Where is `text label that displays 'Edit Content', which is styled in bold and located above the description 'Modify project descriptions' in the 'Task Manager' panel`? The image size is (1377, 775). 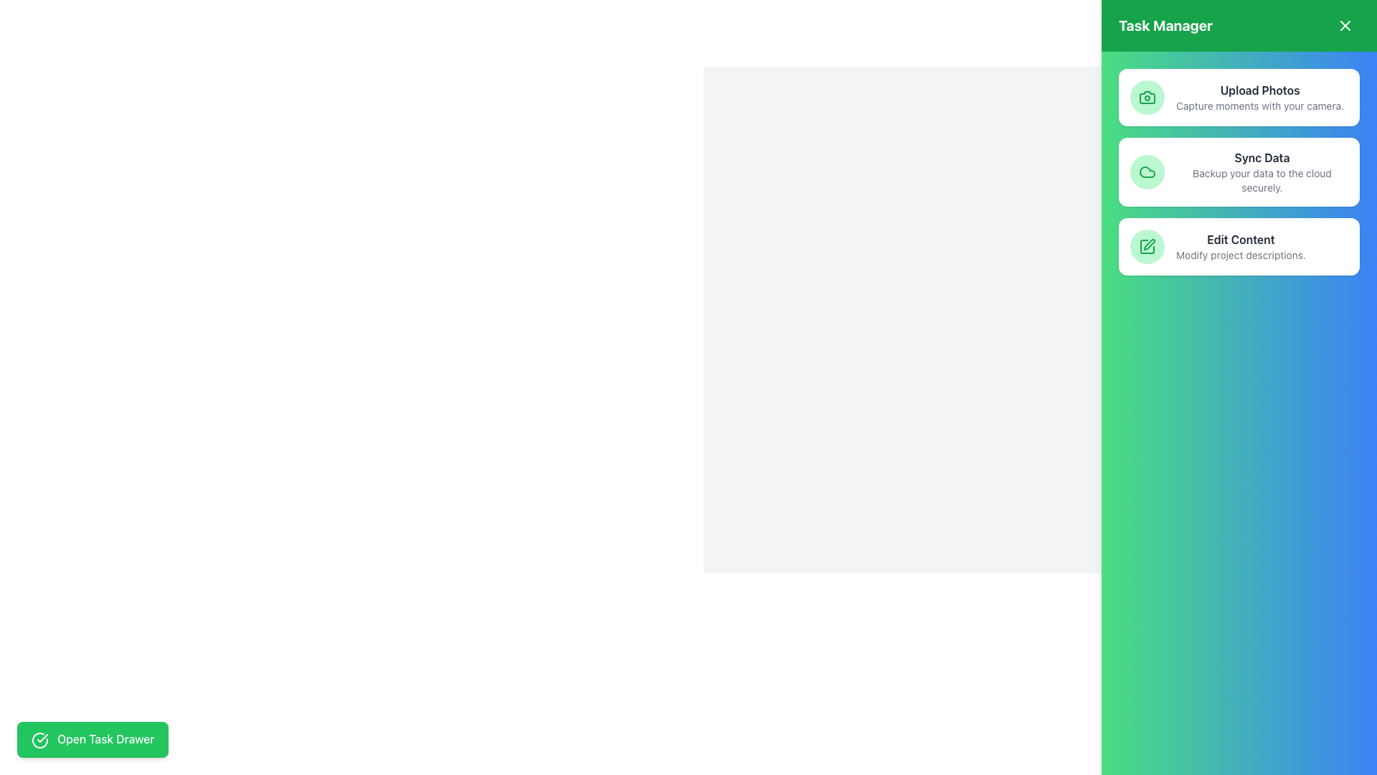 text label that displays 'Edit Content', which is styled in bold and located above the description 'Modify project descriptions' in the 'Task Manager' panel is located at coordinates (1240, 239).